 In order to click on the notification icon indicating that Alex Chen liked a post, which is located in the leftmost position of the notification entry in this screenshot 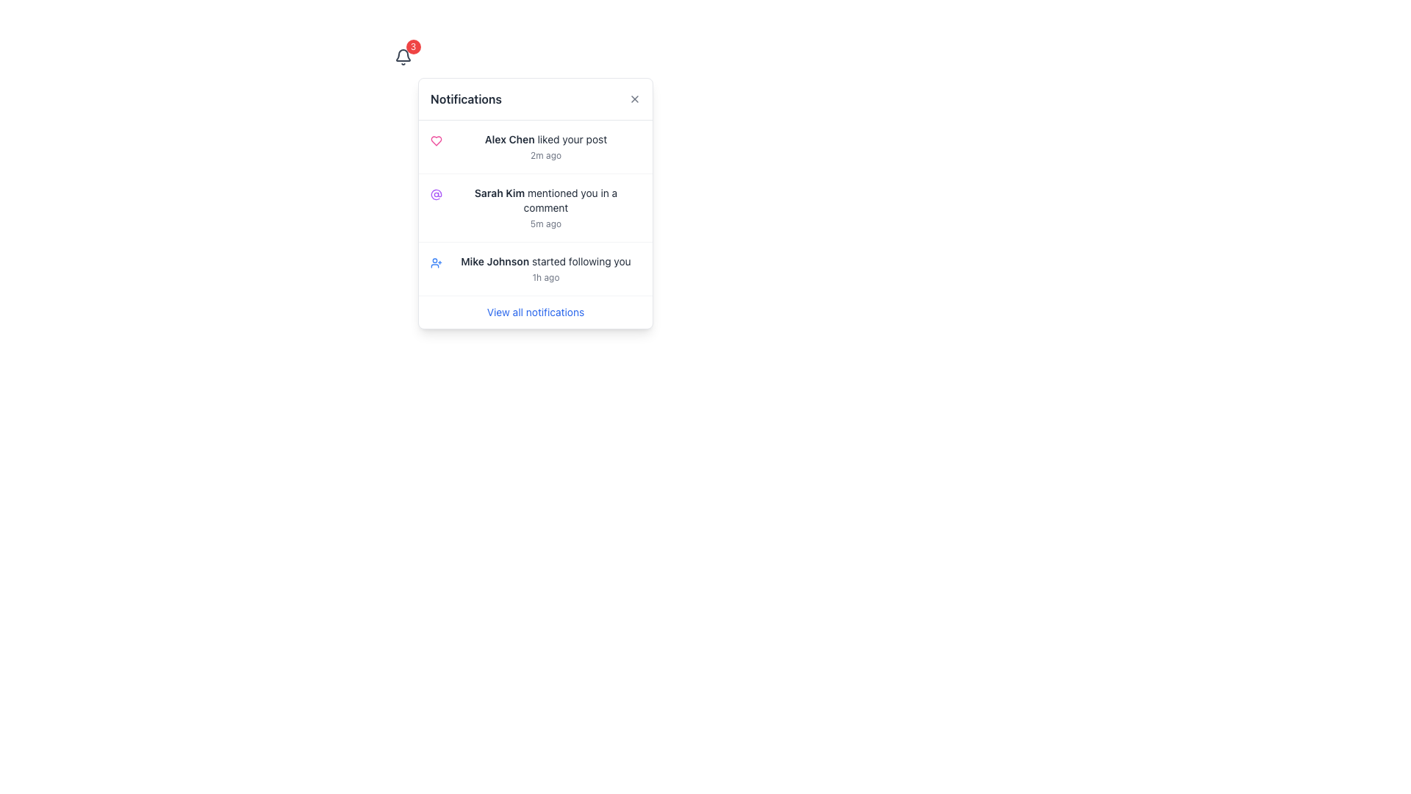, I will do `click(436, 141)`.